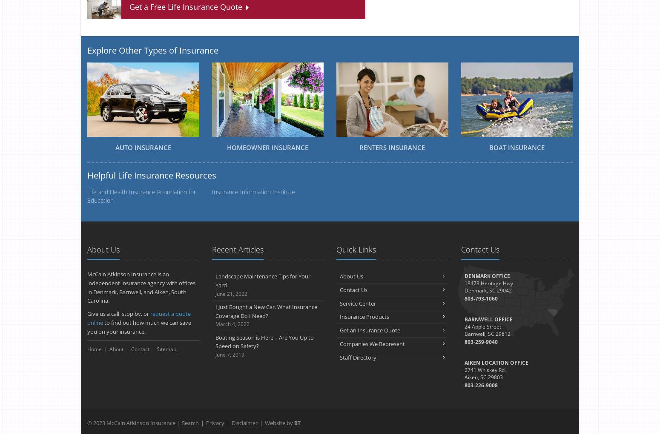  I want to click on 'Homeowner Insurance', so click(227, 147).